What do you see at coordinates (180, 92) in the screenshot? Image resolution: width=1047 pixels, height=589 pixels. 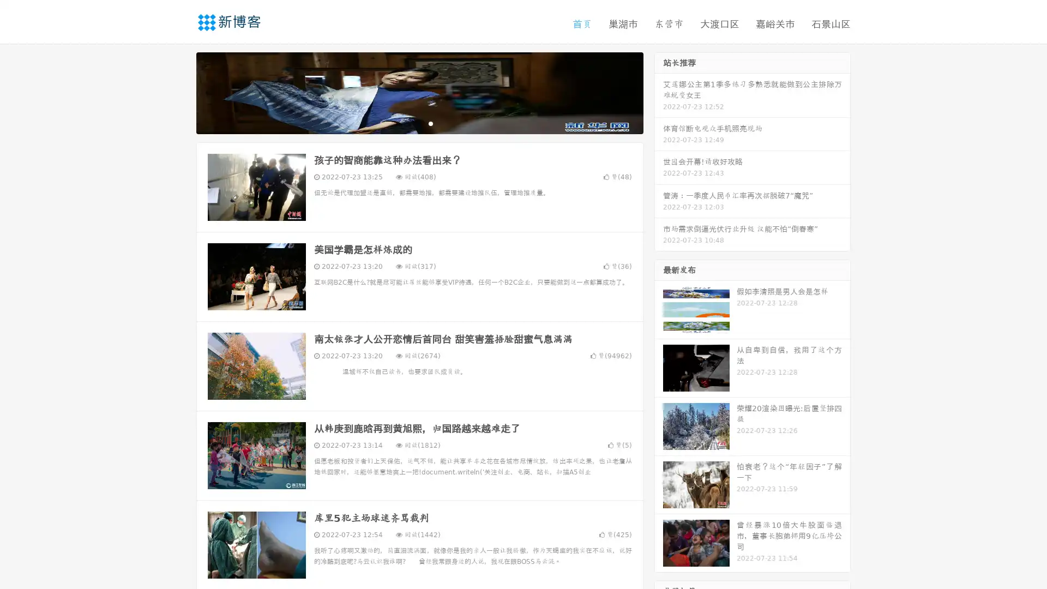 I see `Previous slide` at bounding box center [180, 92].